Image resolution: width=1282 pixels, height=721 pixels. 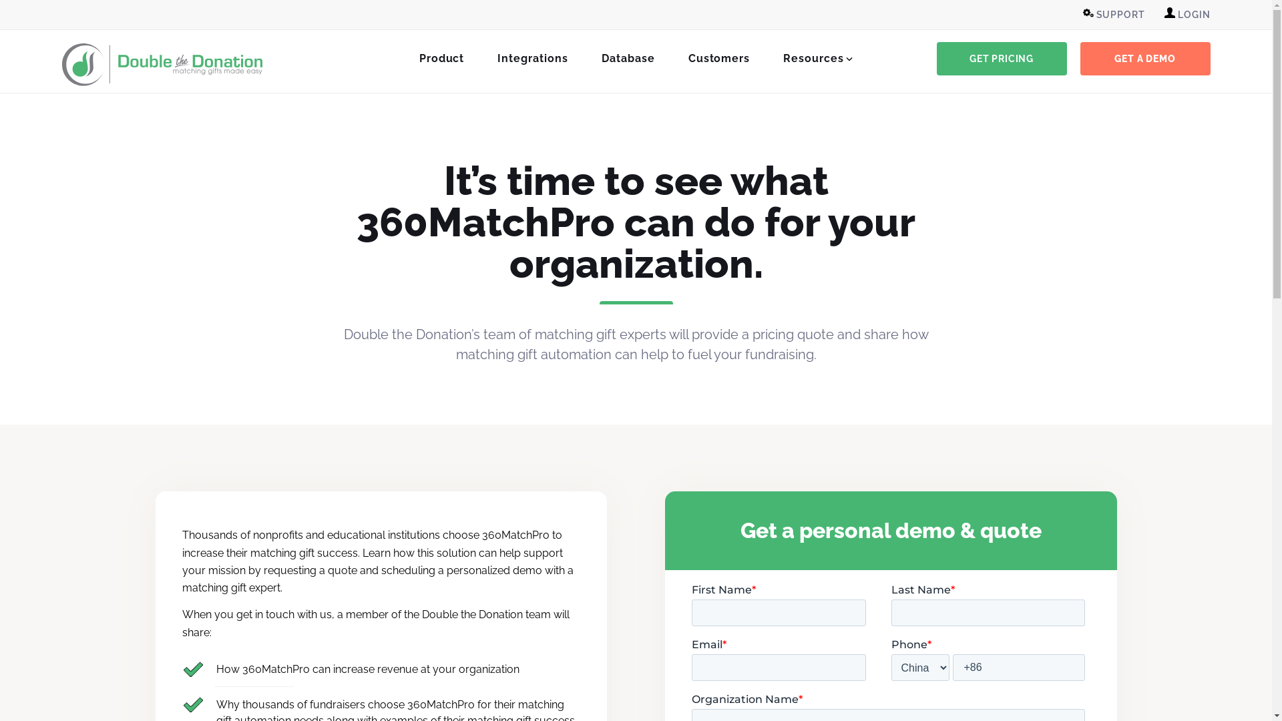 What do you see at coordinates (1144, 57) in the screenshot?
I see `'GET A DEMO'` at bounding box center [1144, 57].